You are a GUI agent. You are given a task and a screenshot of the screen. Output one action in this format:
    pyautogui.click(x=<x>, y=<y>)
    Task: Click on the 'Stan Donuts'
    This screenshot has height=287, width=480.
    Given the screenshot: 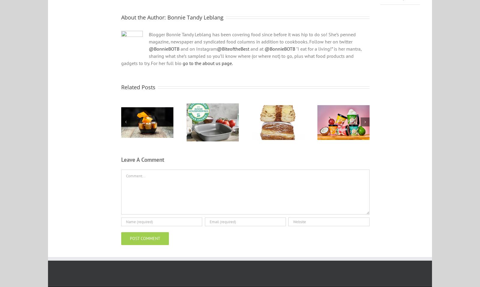 What is the action you would take?
    pyautogui.click(x=278, y=132)
    